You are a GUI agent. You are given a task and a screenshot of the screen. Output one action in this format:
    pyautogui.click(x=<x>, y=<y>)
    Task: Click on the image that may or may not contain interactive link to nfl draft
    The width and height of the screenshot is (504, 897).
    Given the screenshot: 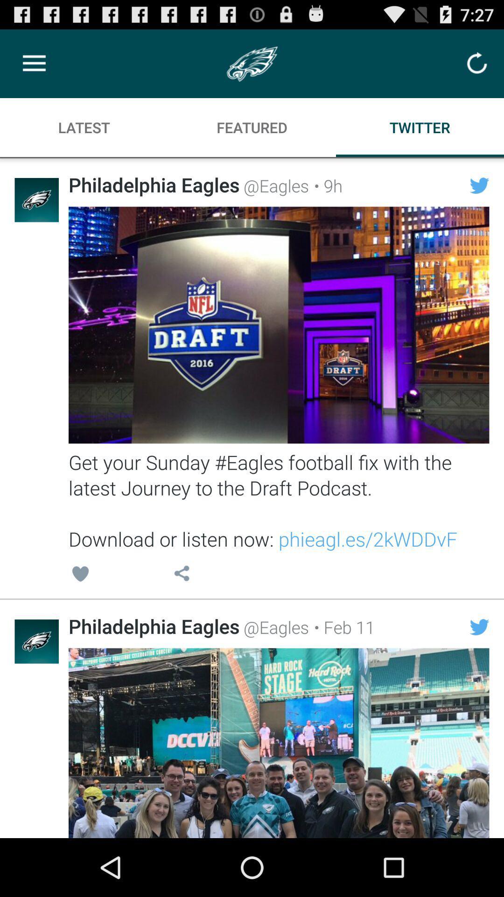 What is the action you would take?
    pyautogui.click(x=278, y=325)
    